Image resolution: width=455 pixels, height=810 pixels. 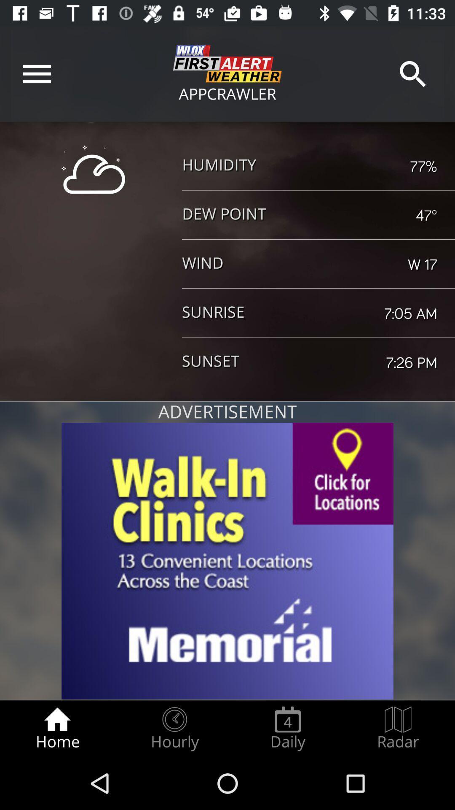 I want to click on item next to the hourly radio button, so click(x=57, y=728).